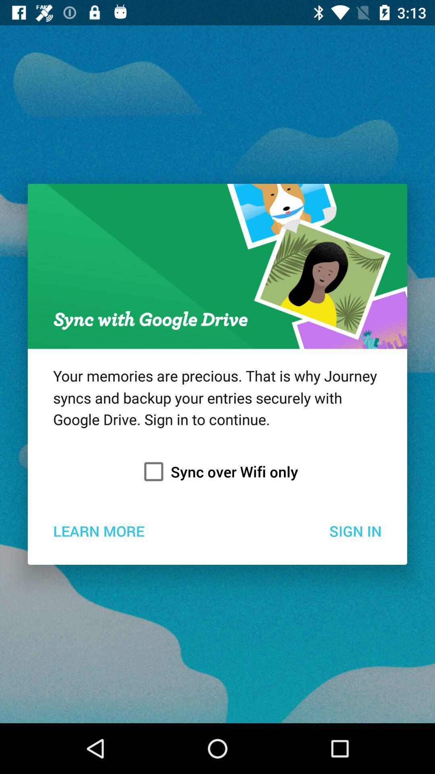  What do you see at coordinates (98, 531) in the screenshot?
I see `learn more item` at bounding box center [98, 531].